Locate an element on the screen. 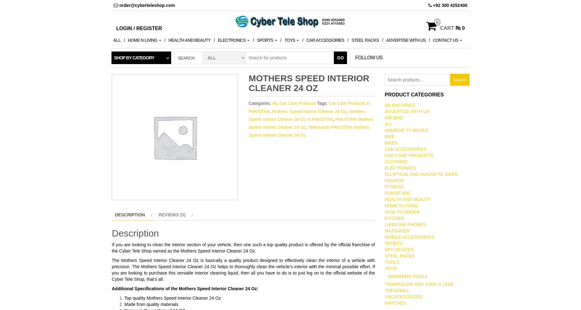 This screenshot has height=310, width=581. 'Mothers Speed Interior Cleaner 24 Oz in PAKISTAN' is located at coordinates (306, 115).